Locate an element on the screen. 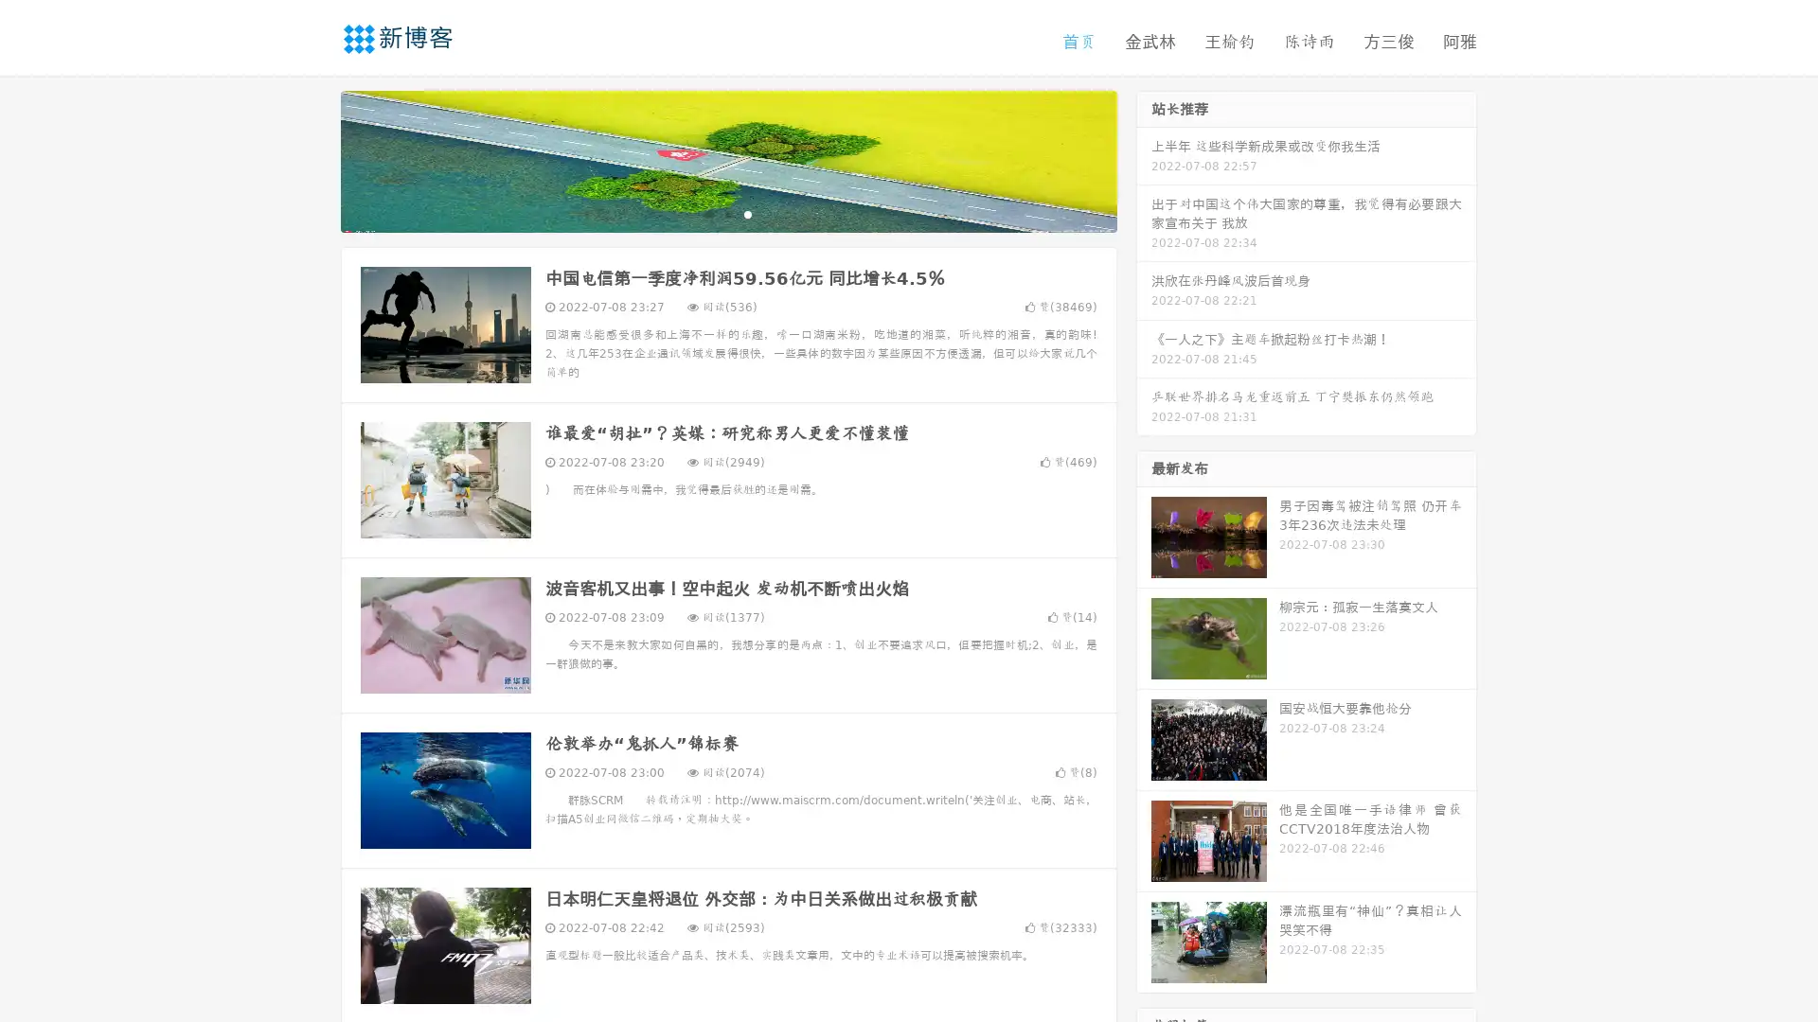 The height and width of the screenshot is (1022, 1818). Go to slide 2 is located at coordinates (727, 213).